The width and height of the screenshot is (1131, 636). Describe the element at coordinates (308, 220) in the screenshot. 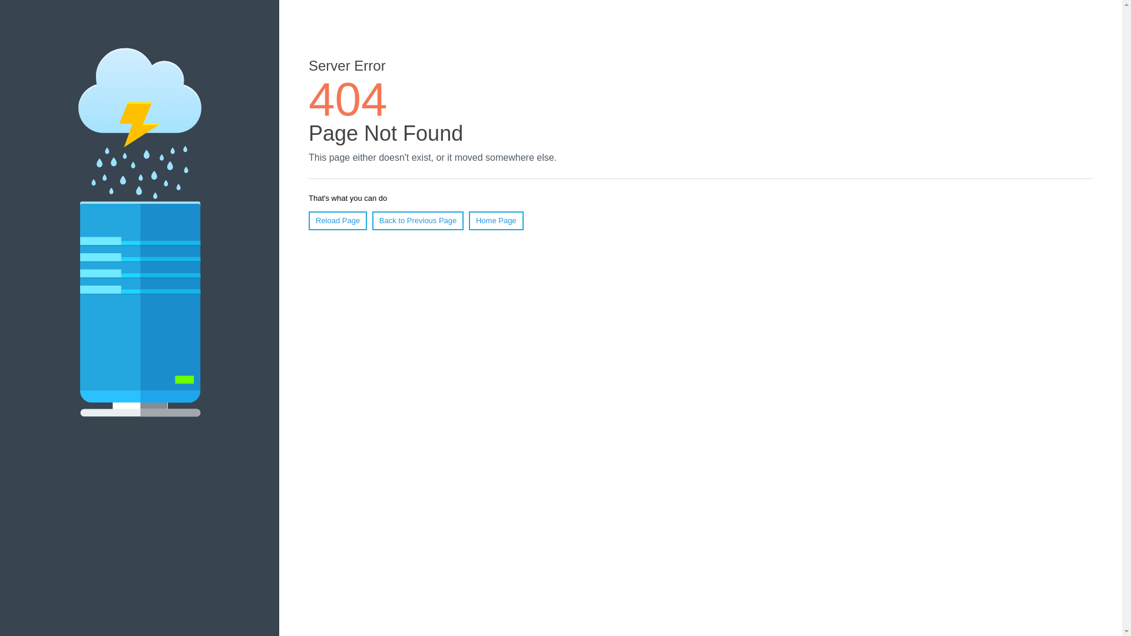

I see `'Reload Page'` at that location.